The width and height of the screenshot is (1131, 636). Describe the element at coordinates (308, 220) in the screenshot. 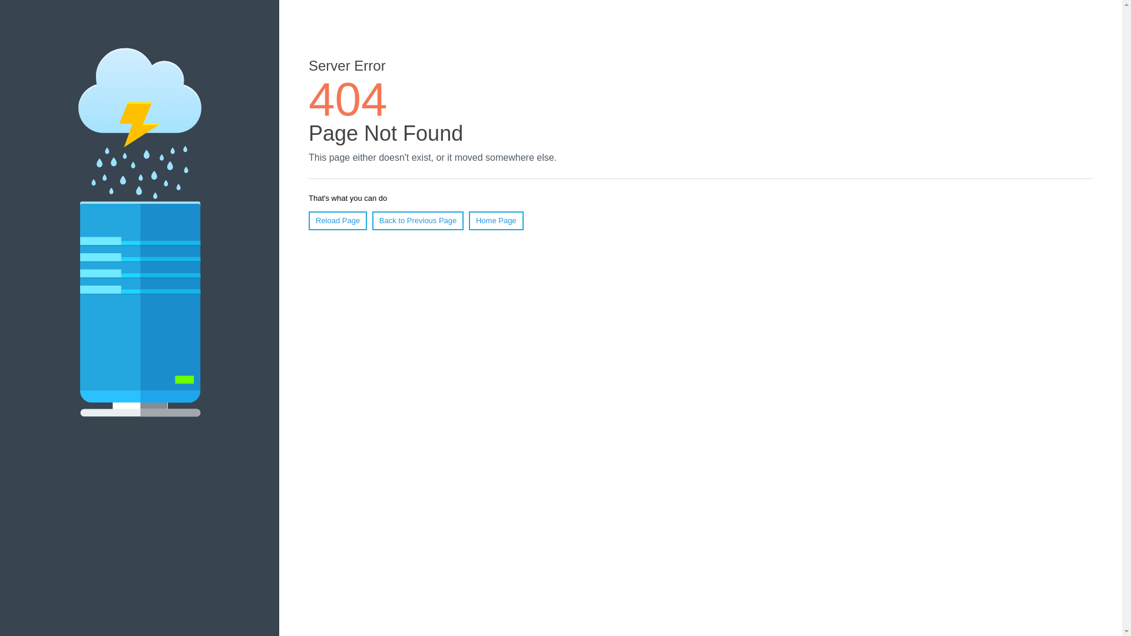

I see `'Reload Page'` at that location.